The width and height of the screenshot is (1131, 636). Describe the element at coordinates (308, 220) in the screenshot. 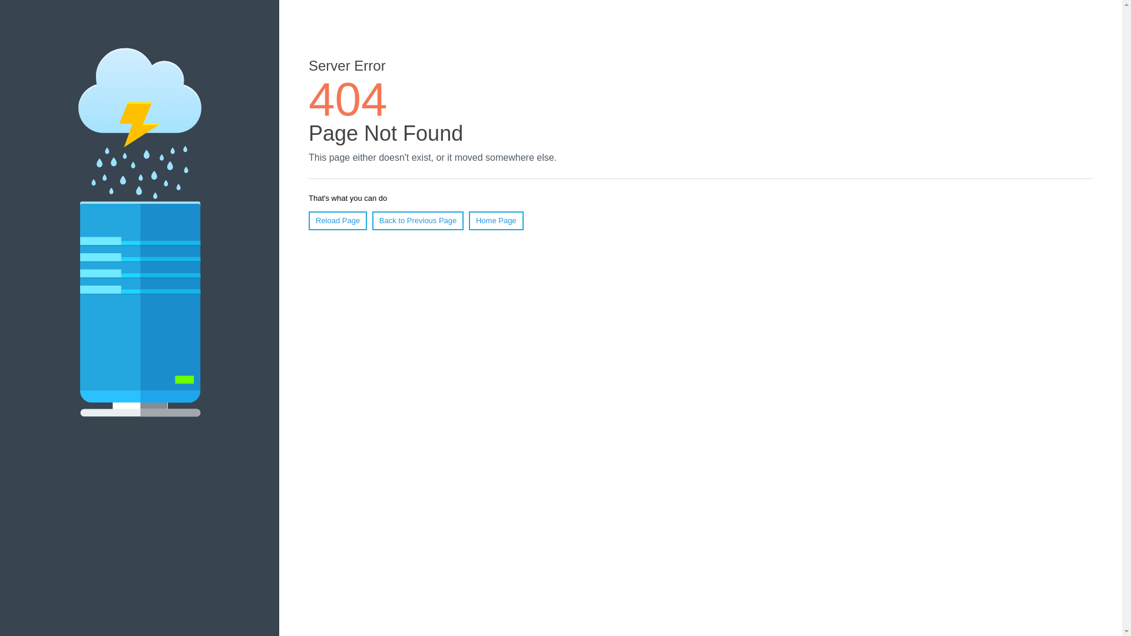

I see `'Reload Page'` at that location.